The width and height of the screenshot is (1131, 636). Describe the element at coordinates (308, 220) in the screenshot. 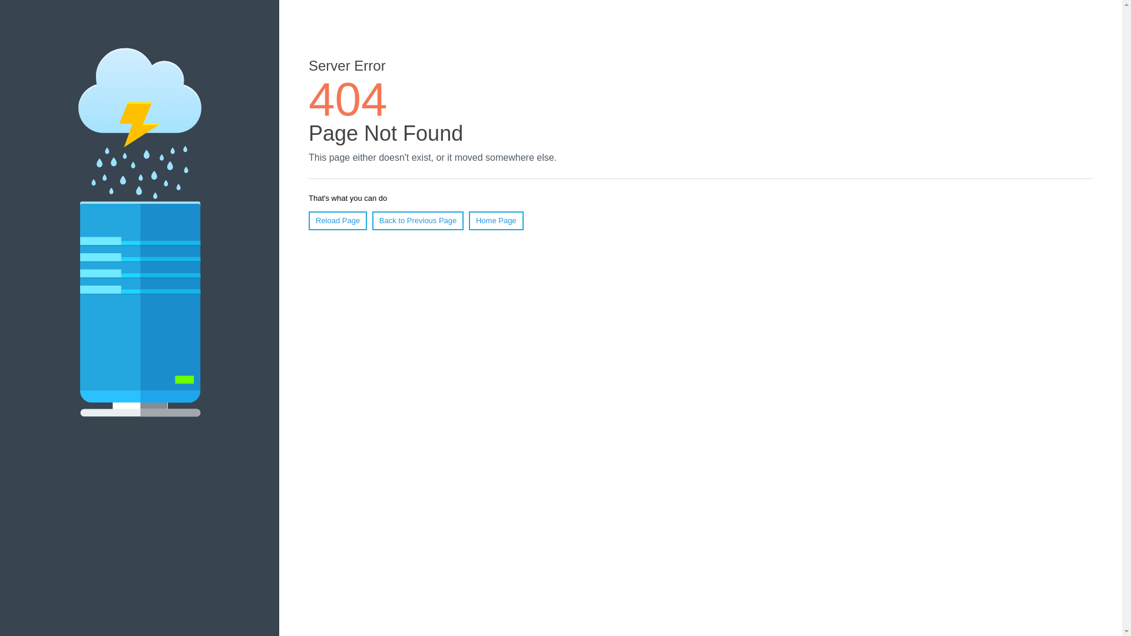

I see `'Reload Page'` at that location.